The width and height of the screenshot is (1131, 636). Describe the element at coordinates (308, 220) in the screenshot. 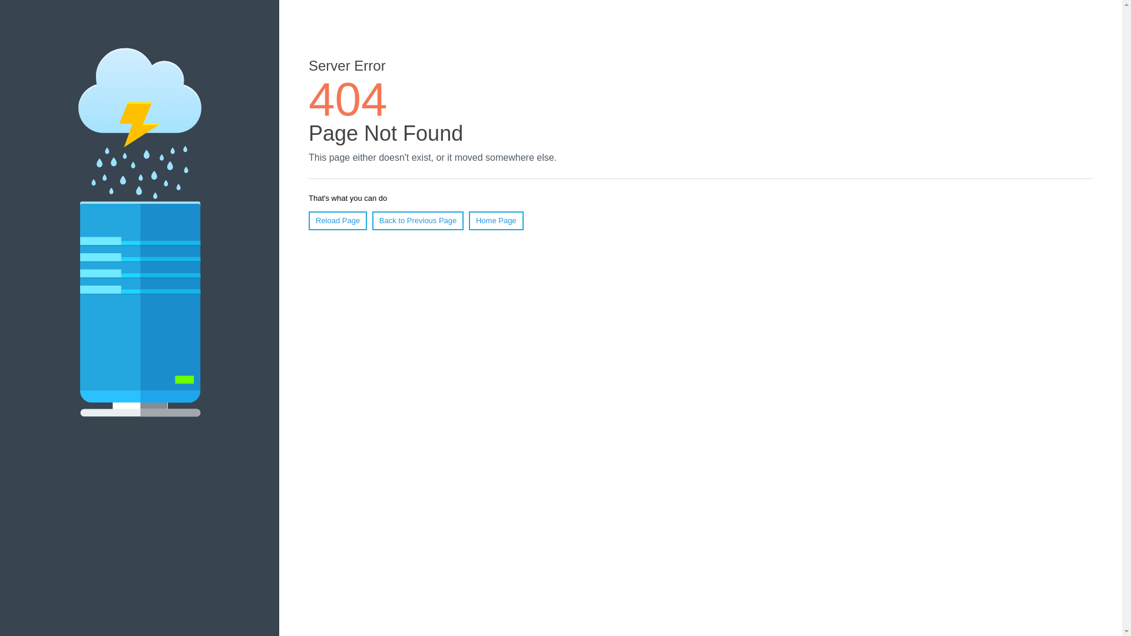

I see `'Reload Page'` at that location.